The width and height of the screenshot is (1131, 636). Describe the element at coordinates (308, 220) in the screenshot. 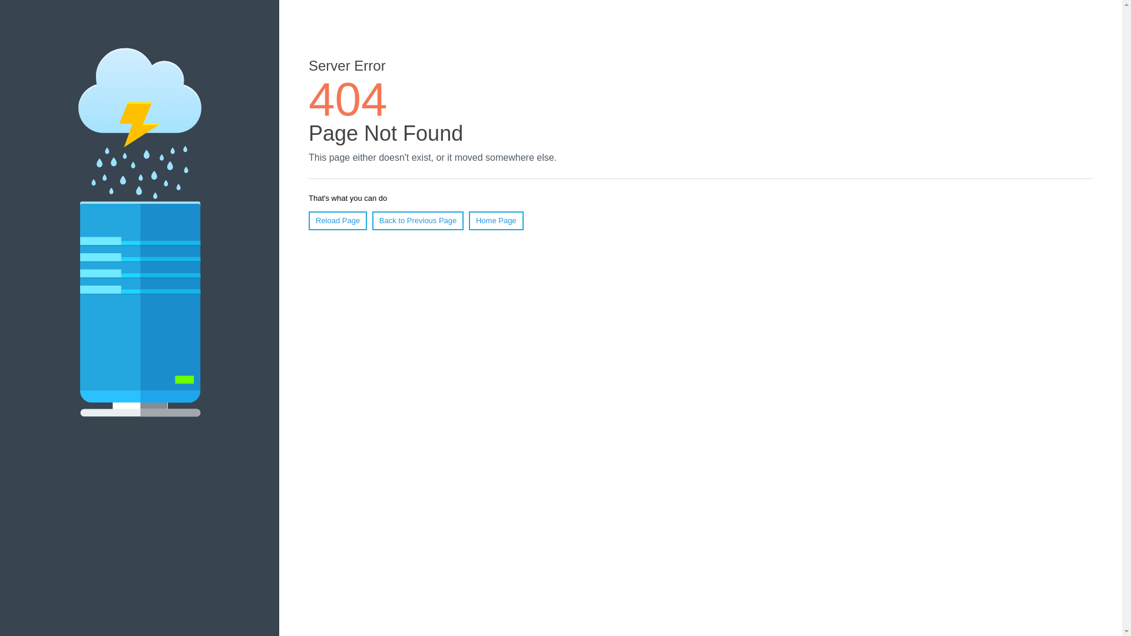

I see `'Reload Page'` at that location.